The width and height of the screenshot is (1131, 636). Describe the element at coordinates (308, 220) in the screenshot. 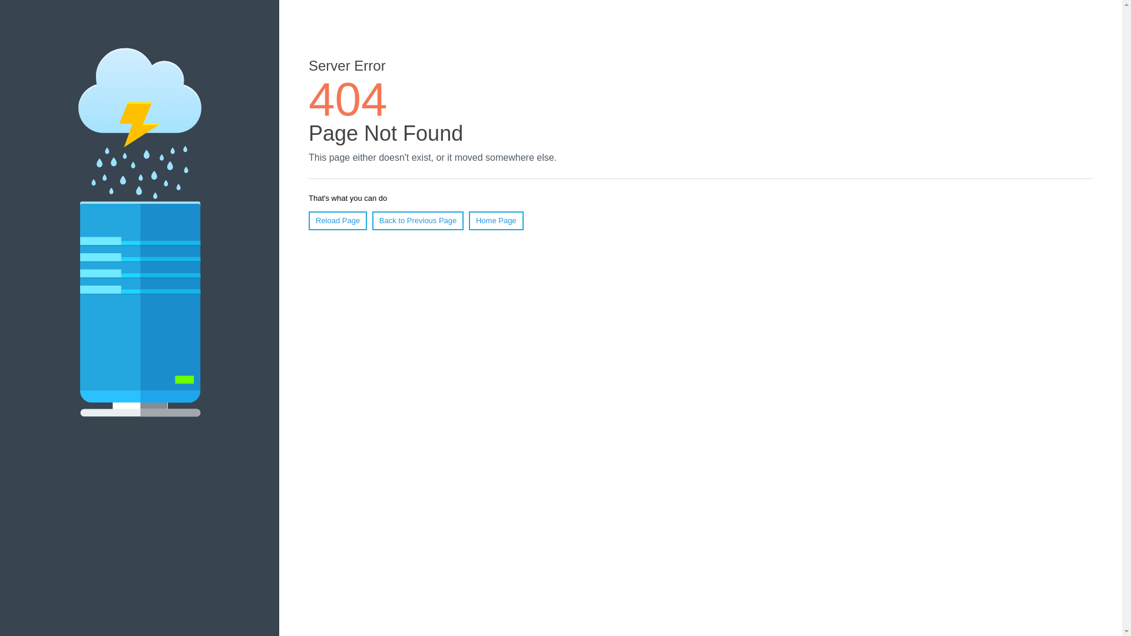

I see `'Reload Page'` at that location.